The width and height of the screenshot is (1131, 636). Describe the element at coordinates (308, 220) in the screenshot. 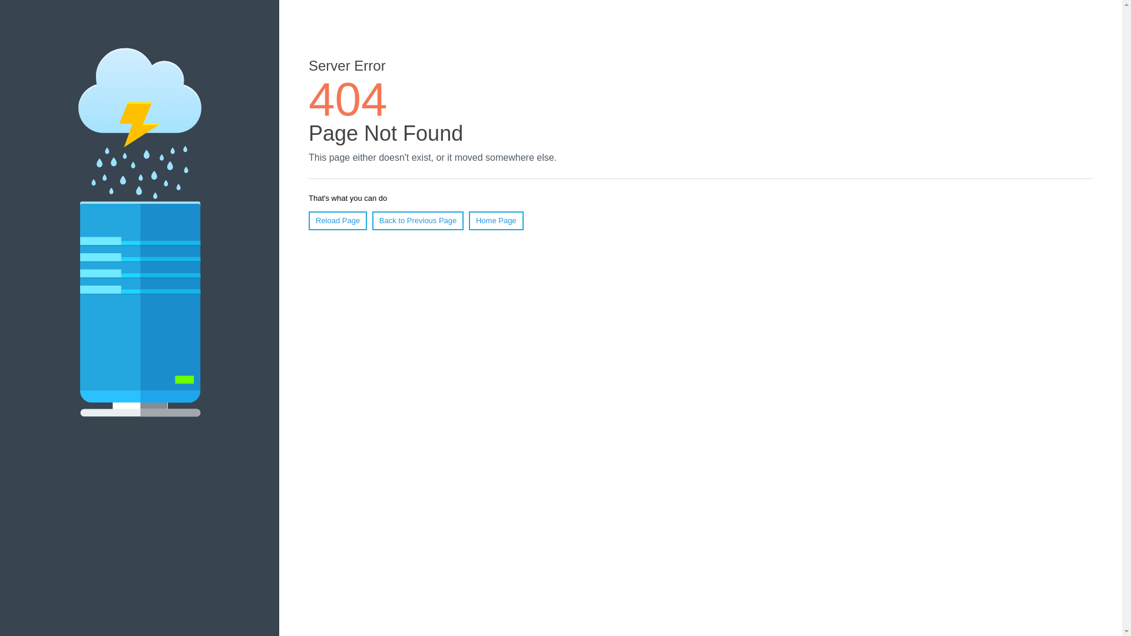

I see `'Reload Page'` at that location.